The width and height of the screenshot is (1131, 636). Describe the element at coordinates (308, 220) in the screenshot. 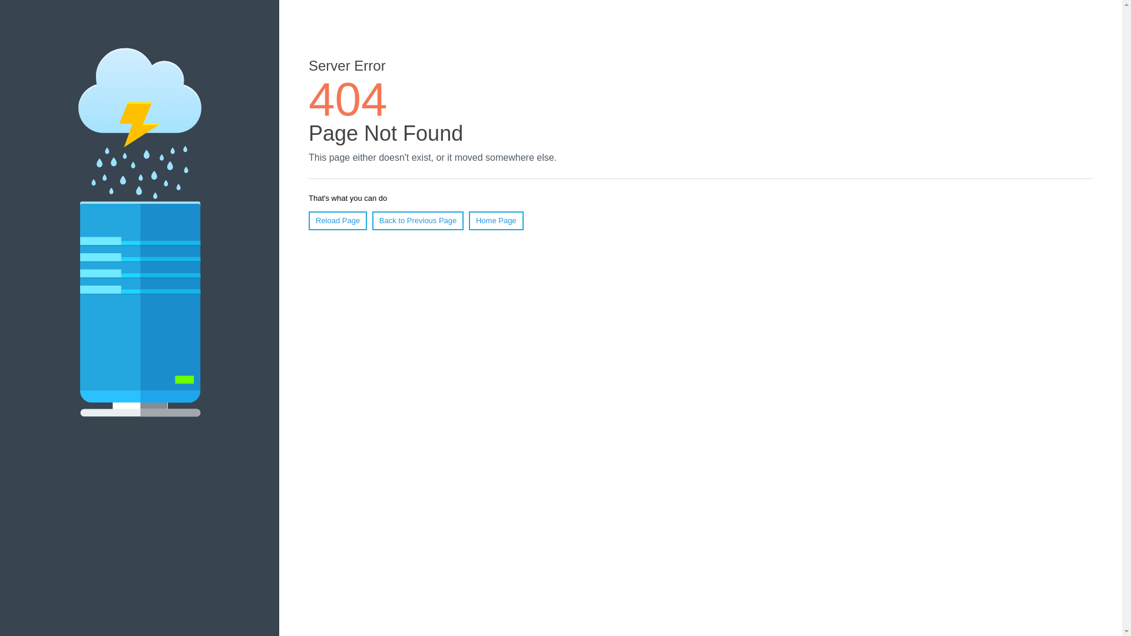

I see `'Reload Page'` at that location.